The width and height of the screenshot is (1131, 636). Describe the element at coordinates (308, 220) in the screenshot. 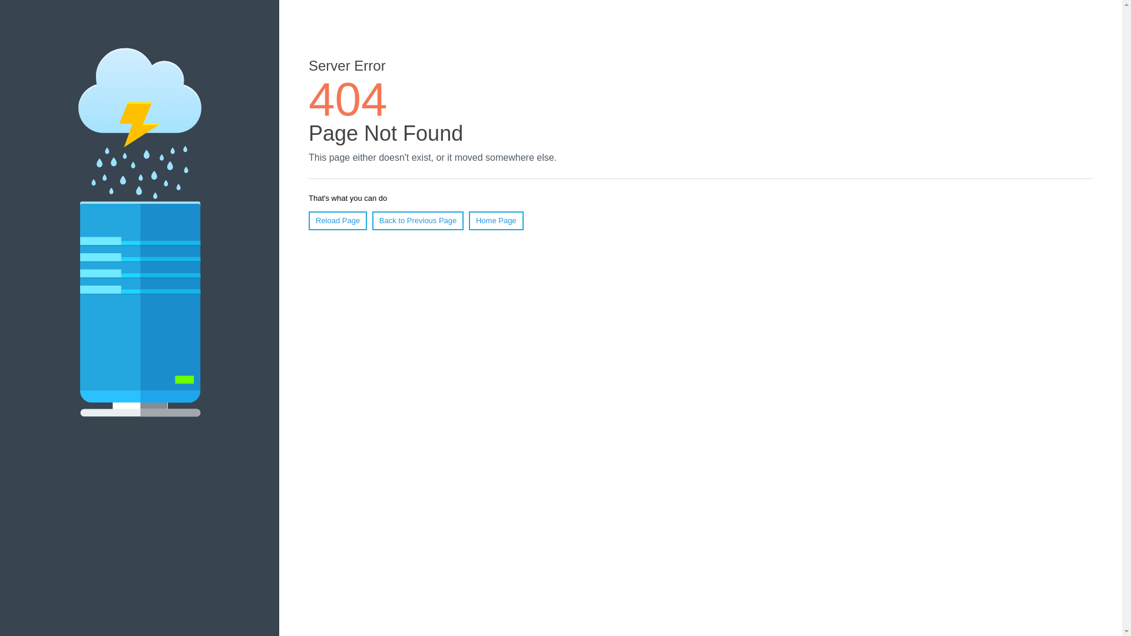

I see `'Reload Page'` at that location.